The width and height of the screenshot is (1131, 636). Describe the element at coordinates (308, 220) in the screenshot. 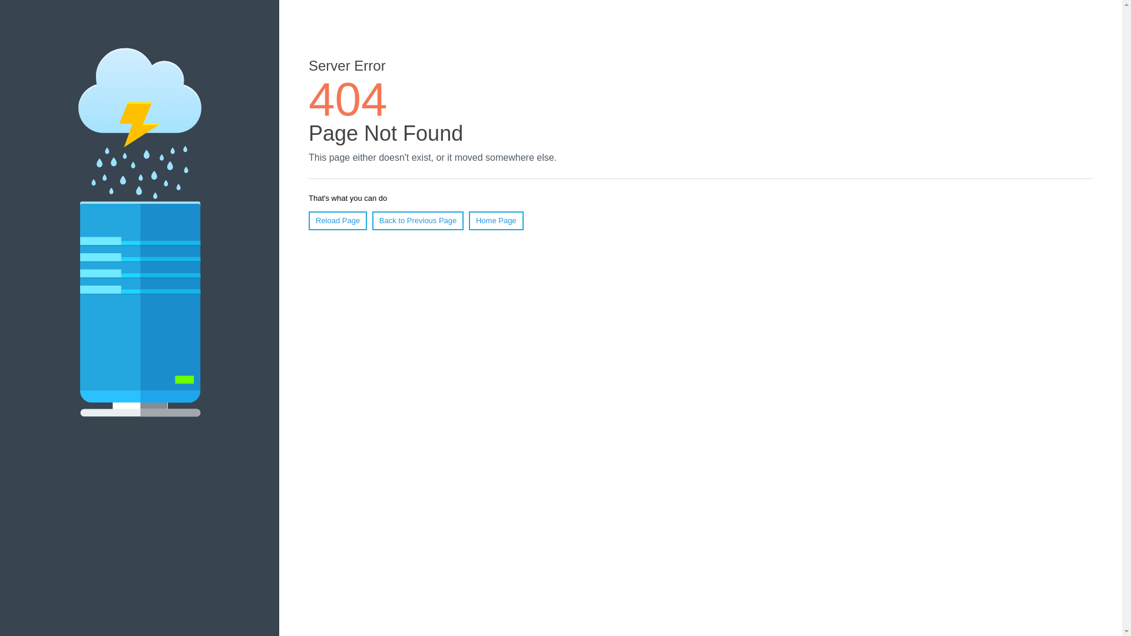

I see `'Reload Page'` at that location.